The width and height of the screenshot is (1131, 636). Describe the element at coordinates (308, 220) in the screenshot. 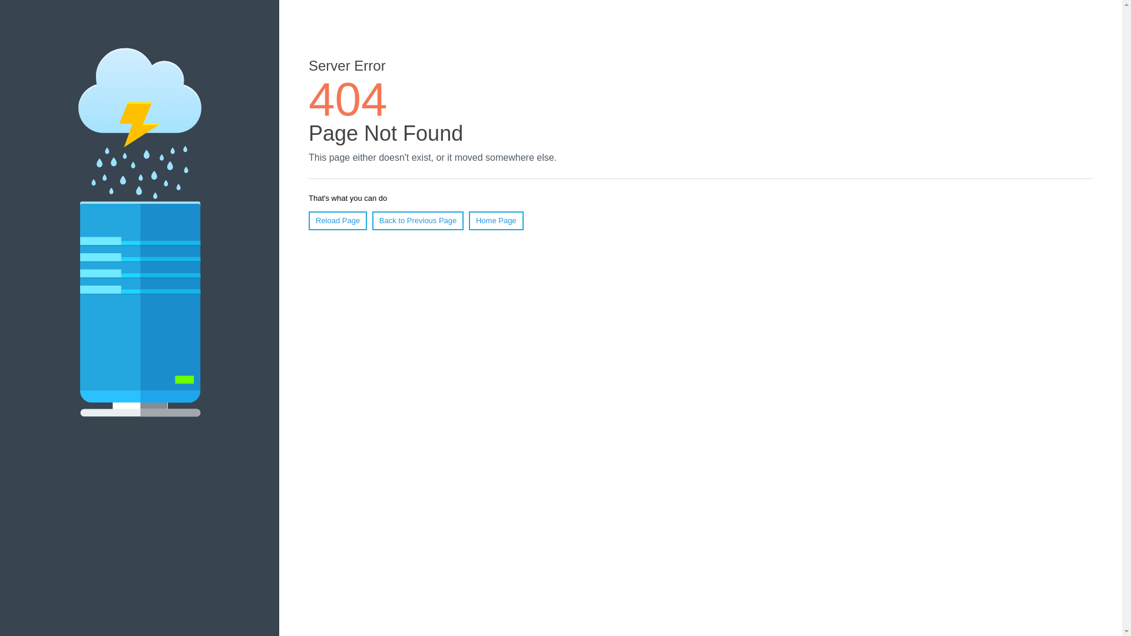

I see `'Reload Page'` at that location.